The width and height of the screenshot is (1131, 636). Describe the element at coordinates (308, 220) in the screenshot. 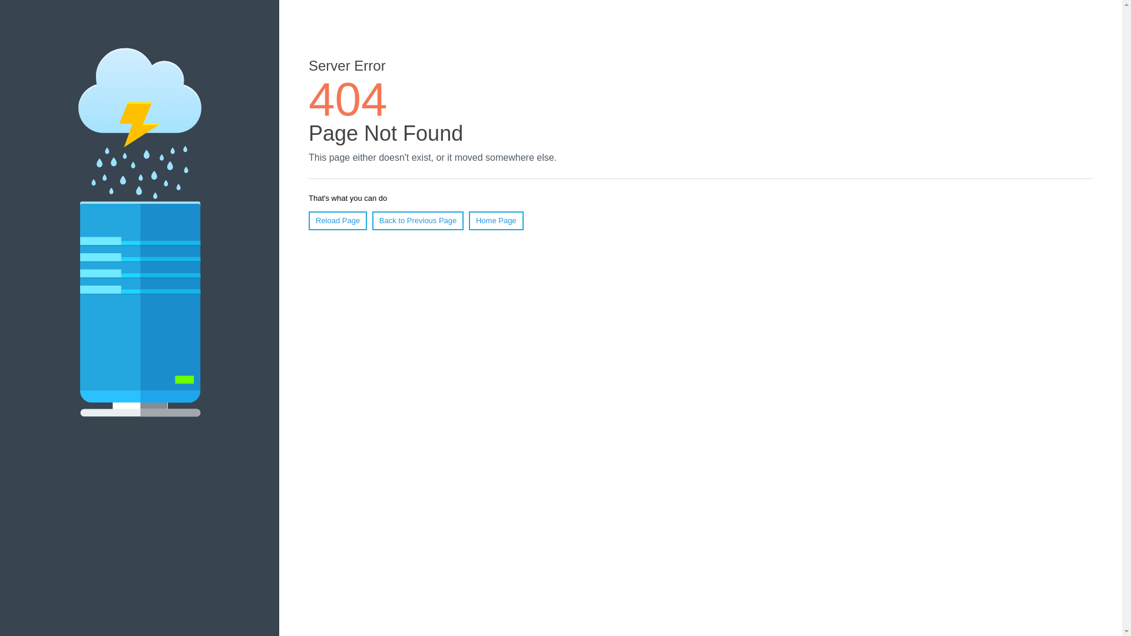

I see `'Reload Page'` at that location.